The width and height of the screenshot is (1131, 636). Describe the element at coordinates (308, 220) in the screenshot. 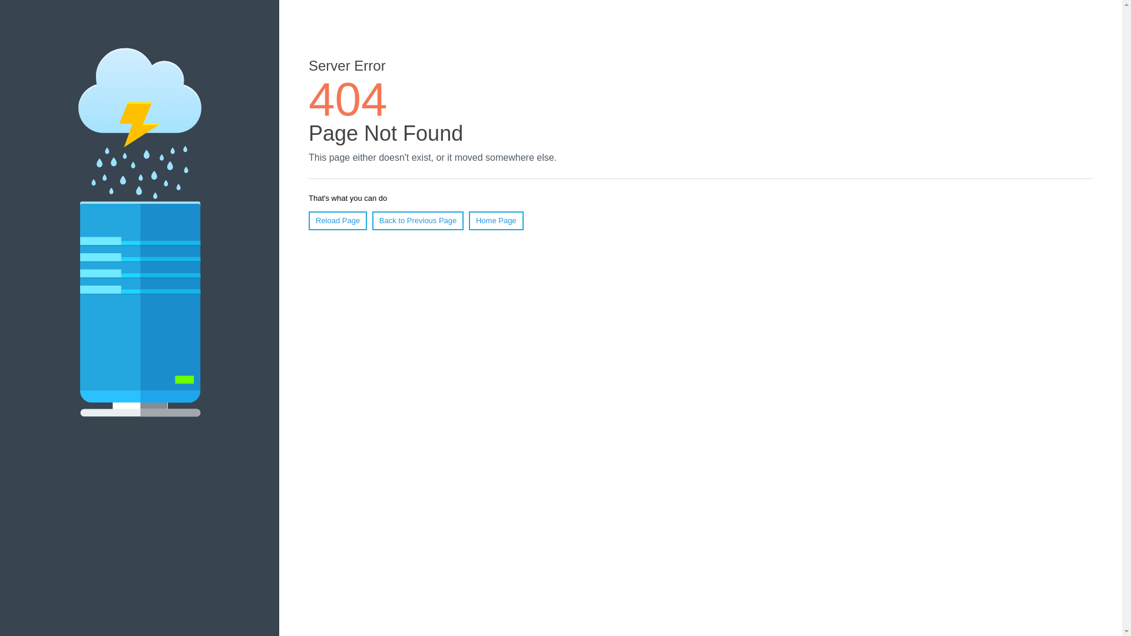

I see `'Reload Page'` at that location.